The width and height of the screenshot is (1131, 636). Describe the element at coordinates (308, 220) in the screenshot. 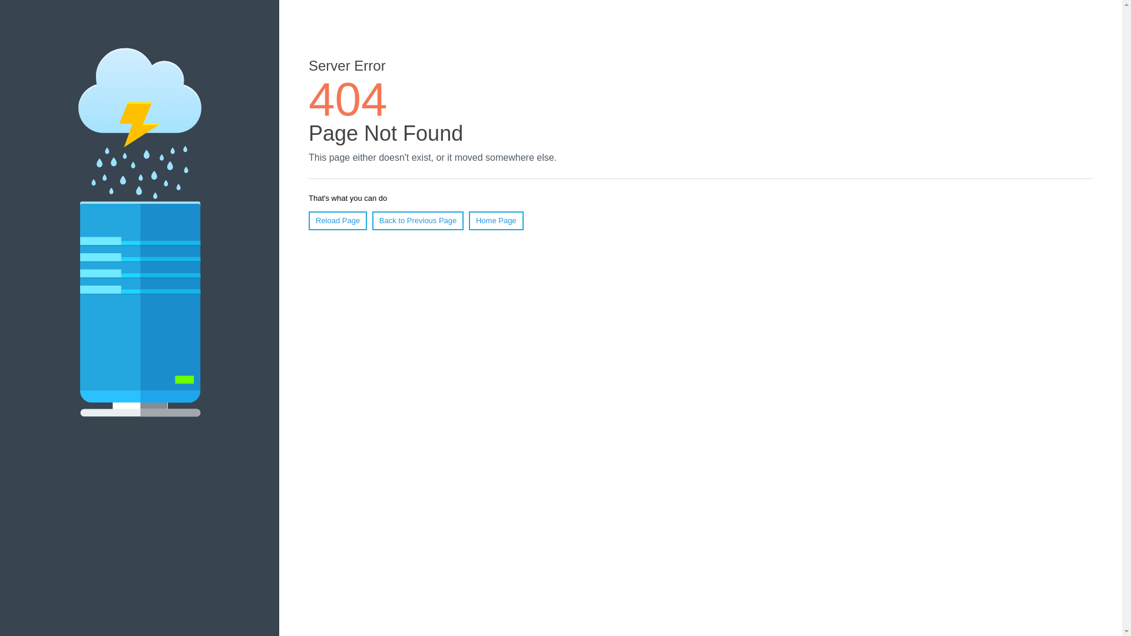

I see `'Reload Page'` at that location.